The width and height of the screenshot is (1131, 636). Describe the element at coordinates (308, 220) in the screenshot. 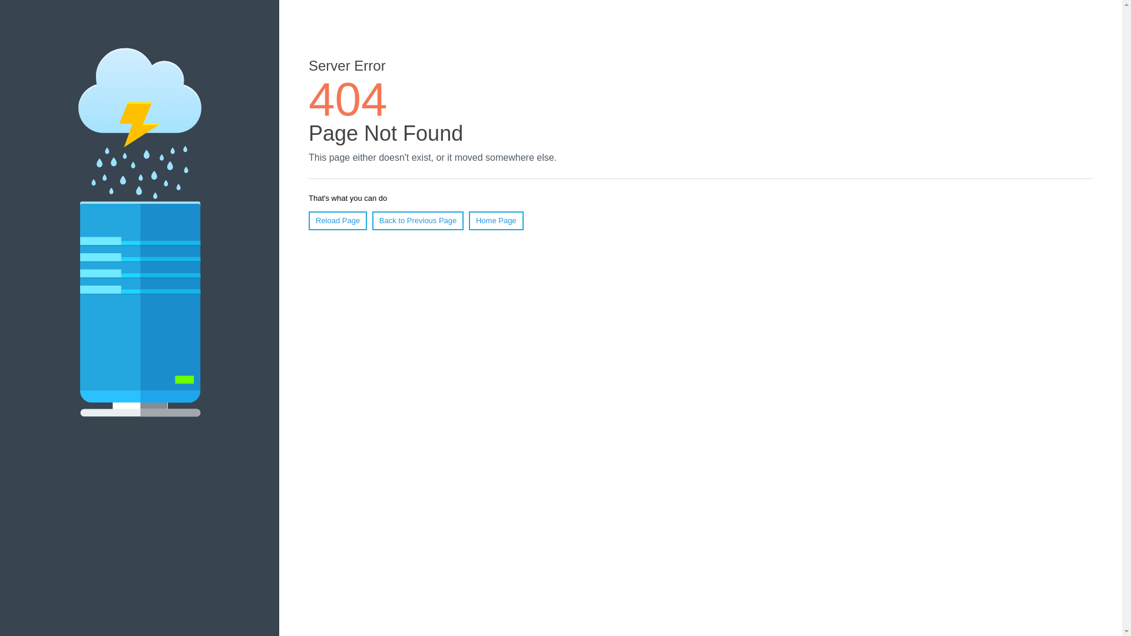

I see `'Reload Page'` at that location.